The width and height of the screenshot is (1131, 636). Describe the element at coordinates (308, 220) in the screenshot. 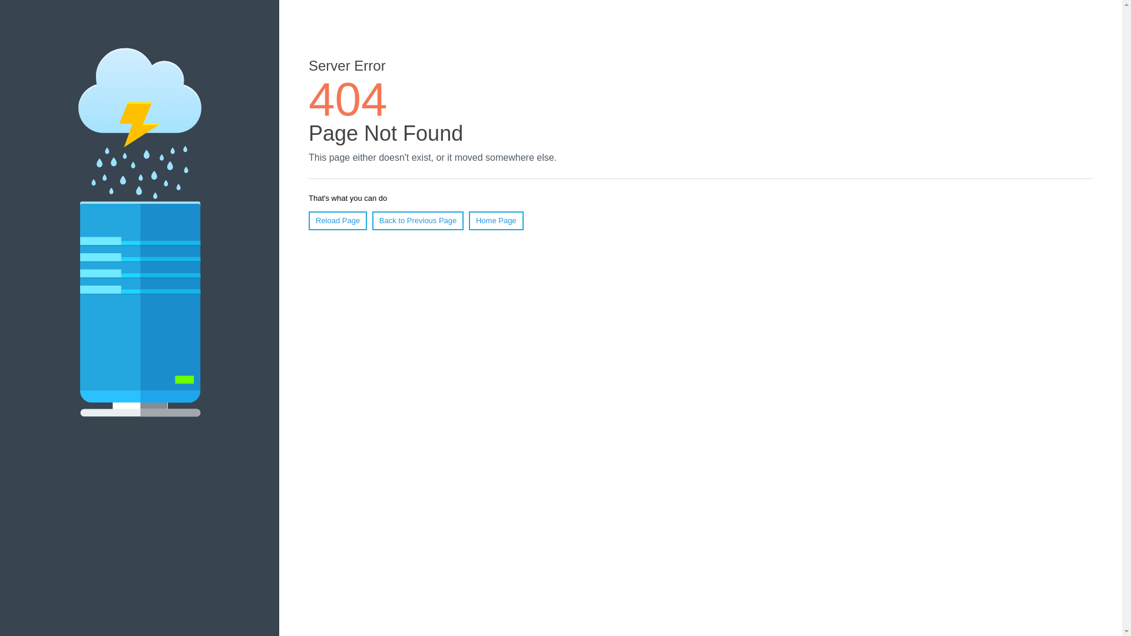

I see `'Reload Page'` at that location.